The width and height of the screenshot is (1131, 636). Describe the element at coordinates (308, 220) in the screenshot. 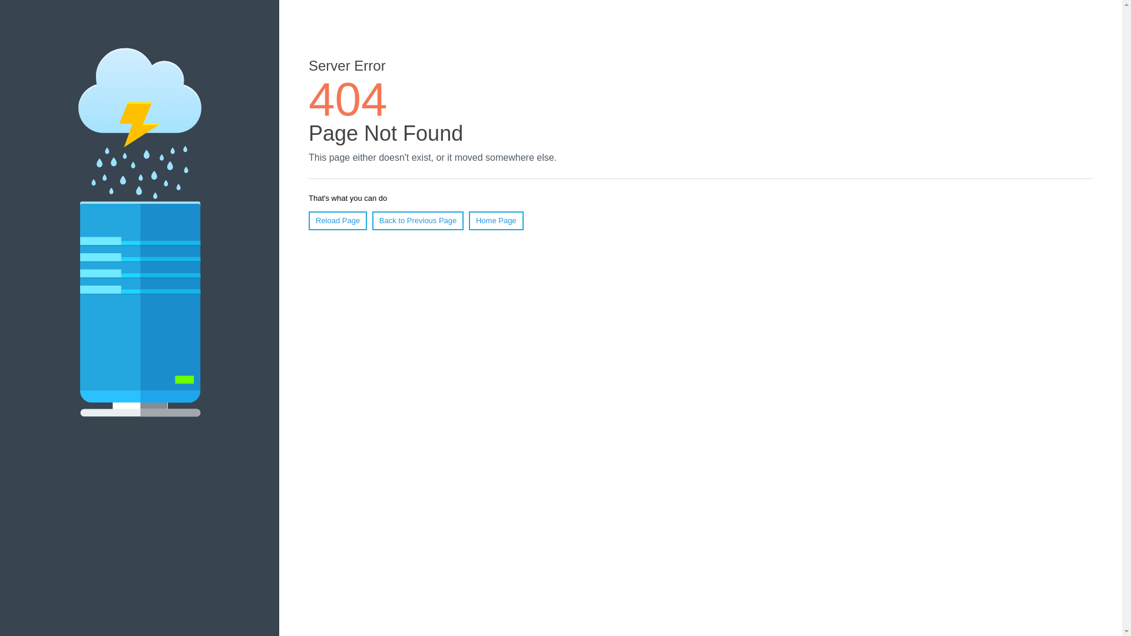

I see `'Reload Page'` at that location.